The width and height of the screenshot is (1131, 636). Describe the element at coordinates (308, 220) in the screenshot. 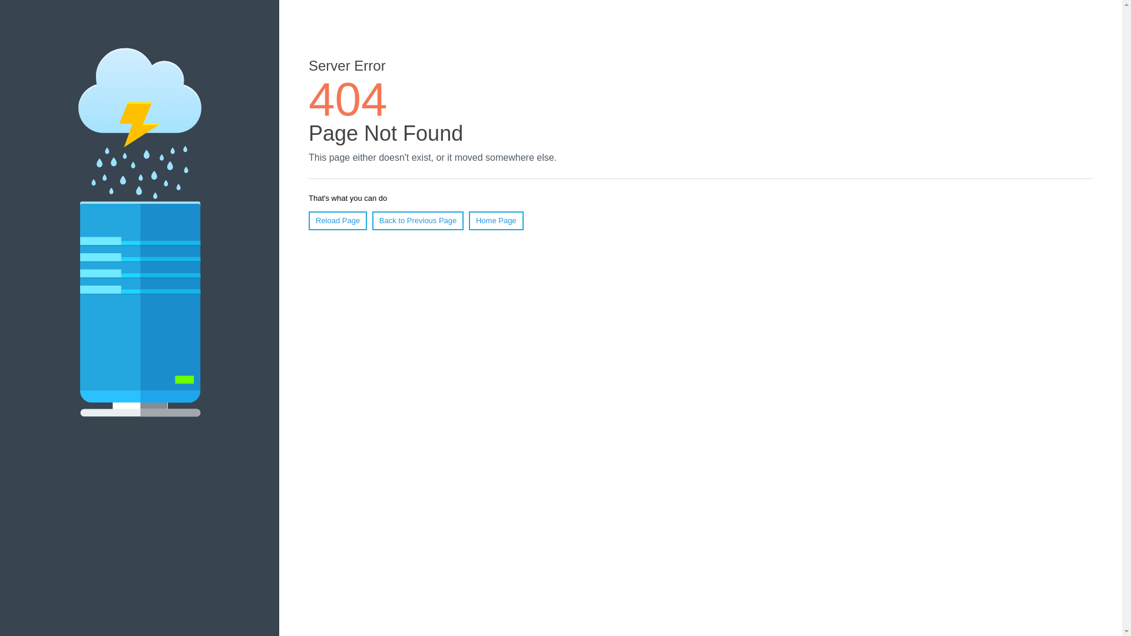

I see `'Reload Page'` at that location.